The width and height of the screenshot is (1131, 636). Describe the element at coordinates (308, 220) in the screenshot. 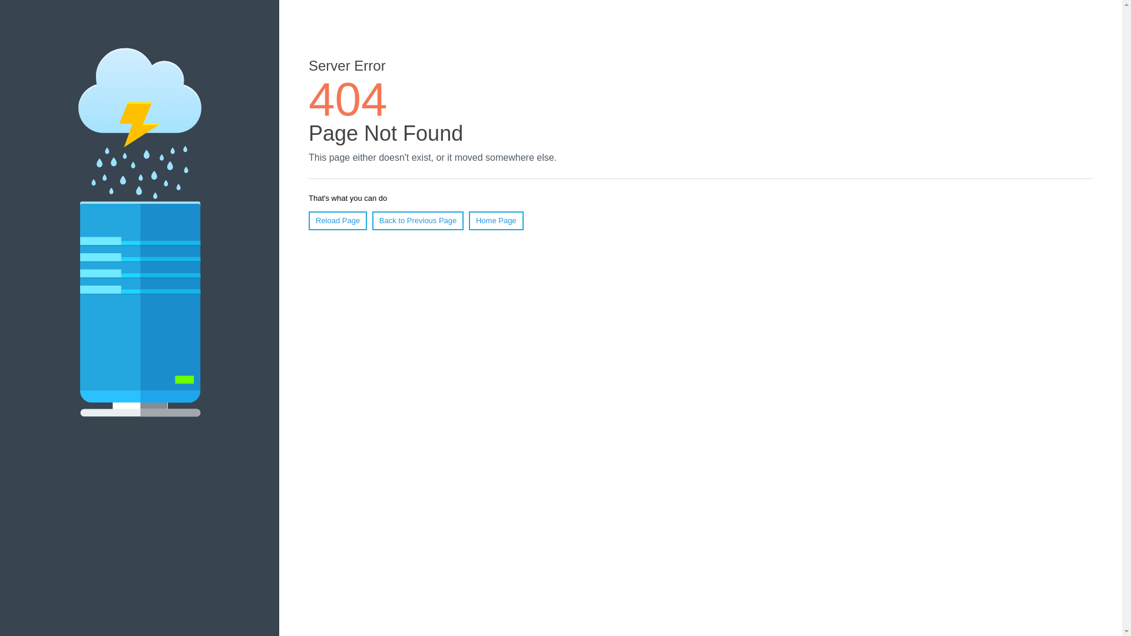

I see `'Reload Page'` at that location.